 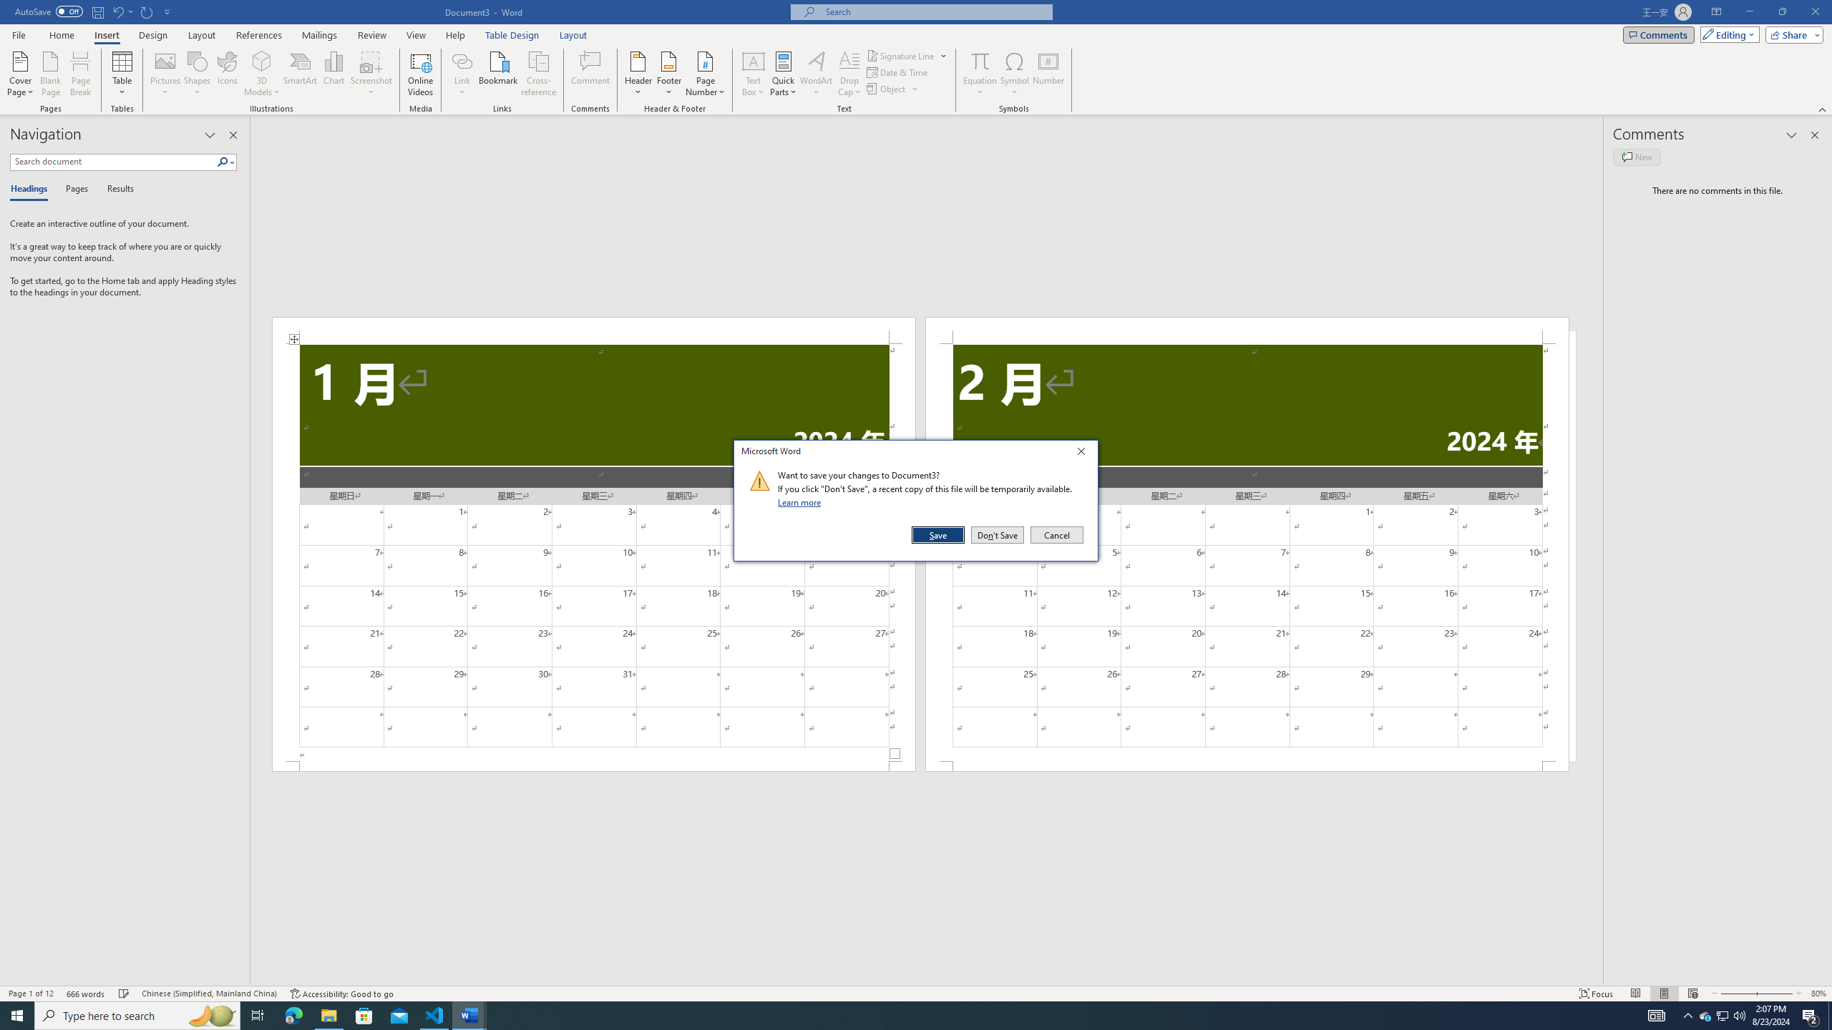 I want to click on 'Link', so click(x=462, y=60).